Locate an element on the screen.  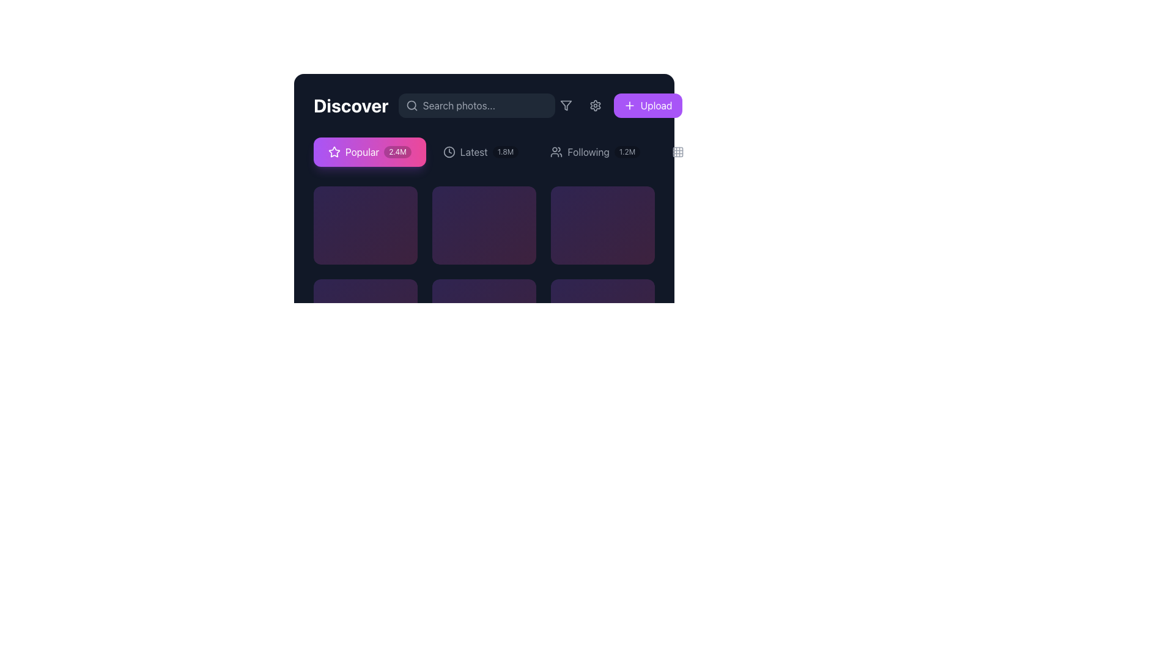
the gear icon button located in the upper-right section of the dark-themed top navigation bar is located at coordinates (595, 105).